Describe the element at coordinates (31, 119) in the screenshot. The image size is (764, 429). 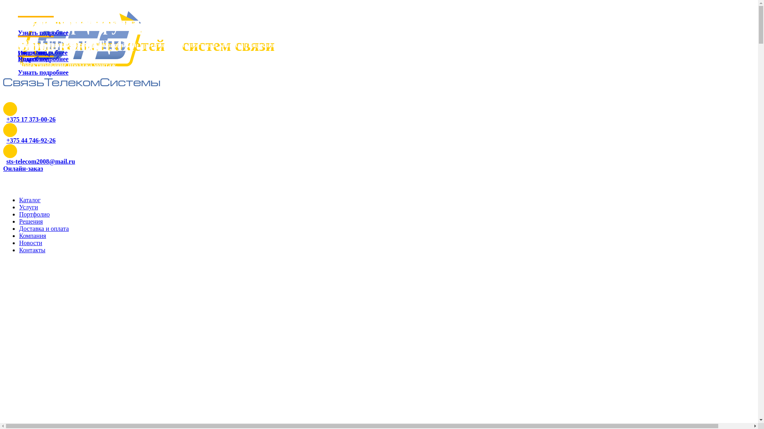
I see `'+375 17 373-00-26'` at that location.